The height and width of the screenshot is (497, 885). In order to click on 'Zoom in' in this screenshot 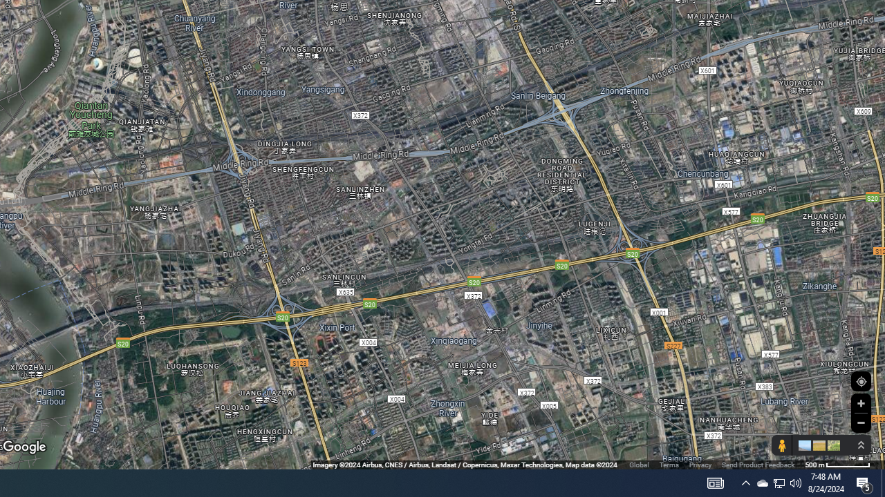, I will do `click(860, 403)`.